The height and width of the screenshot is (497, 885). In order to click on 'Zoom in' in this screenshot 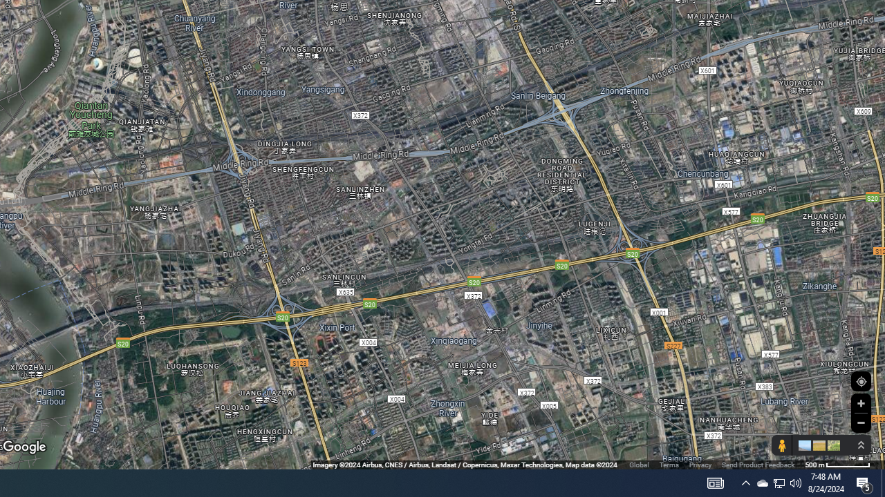, I will do `click(860, 403)`.